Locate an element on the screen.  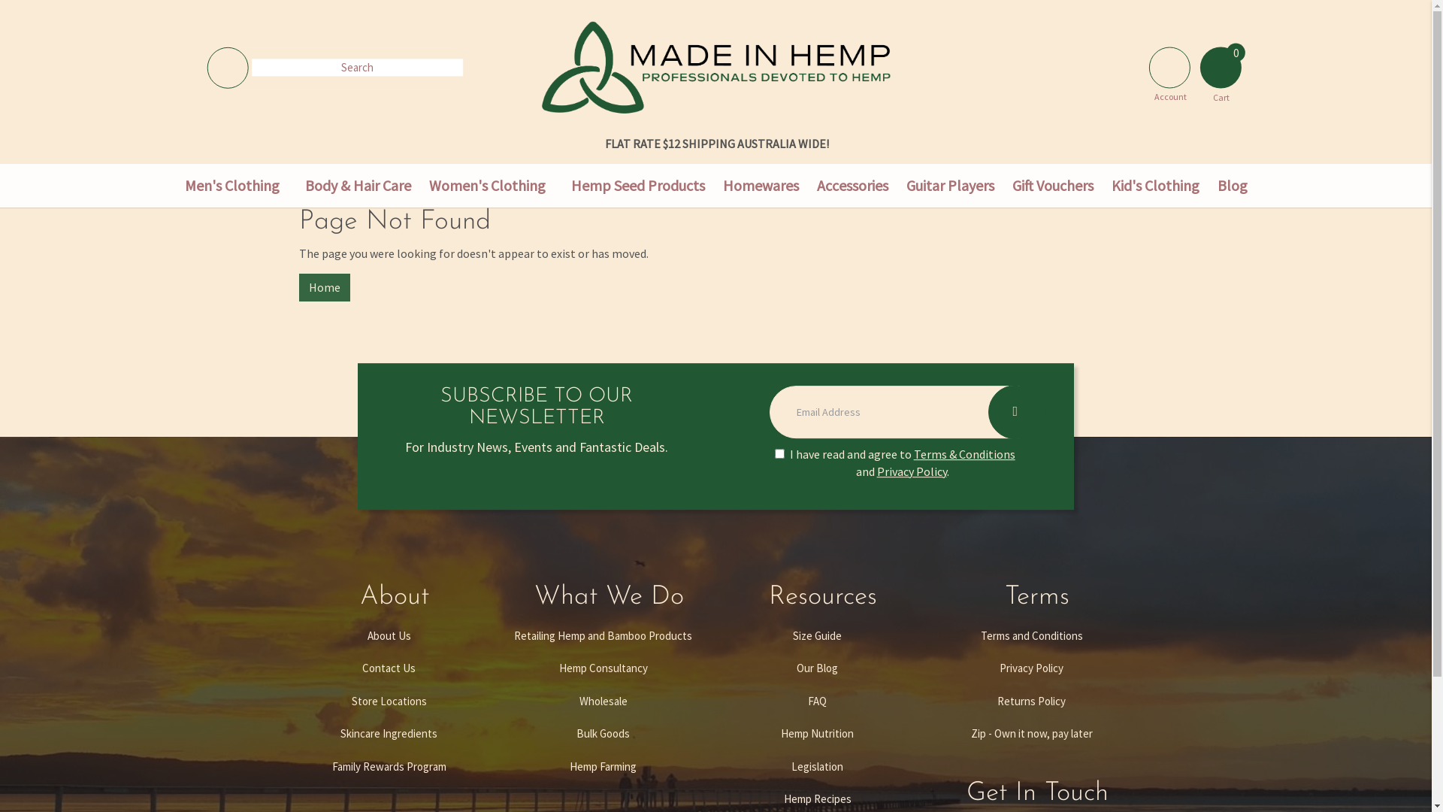
'Bulk Goods' is located at coordinates (603, 732).